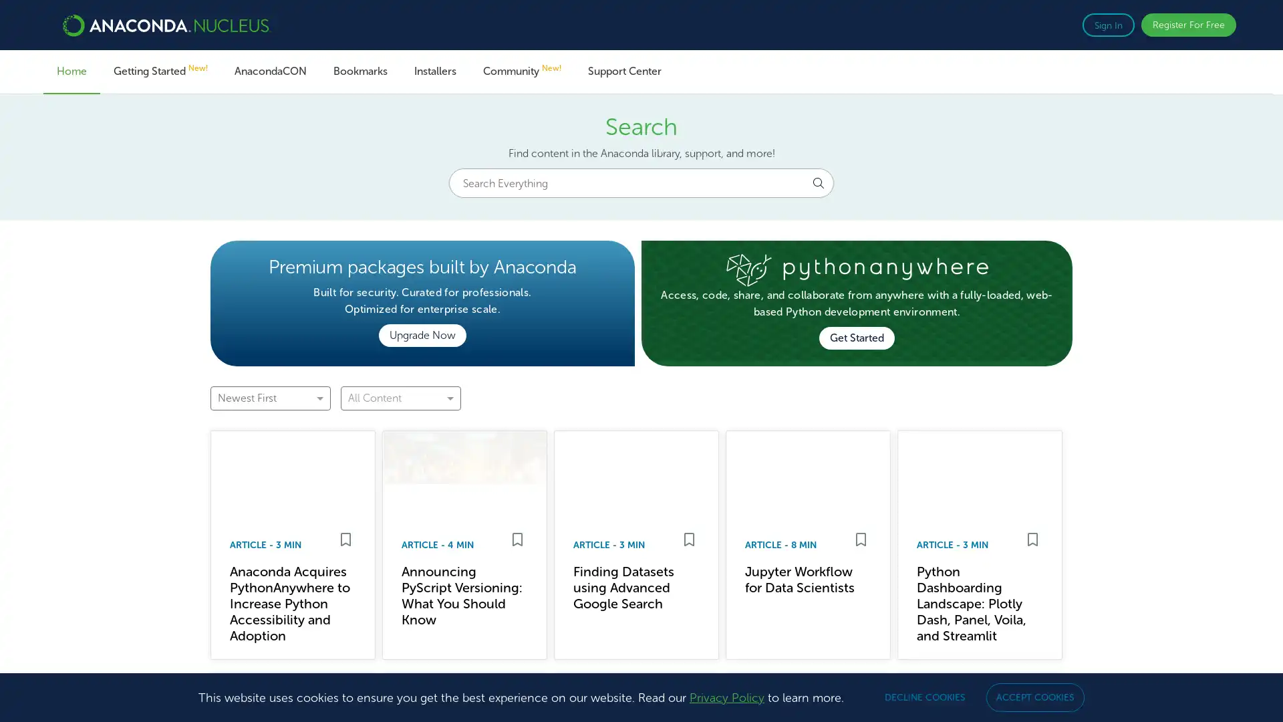 This screenshot has width=1283, height=722. I want to click on DECLINE COOKIES, so click(924, 697).